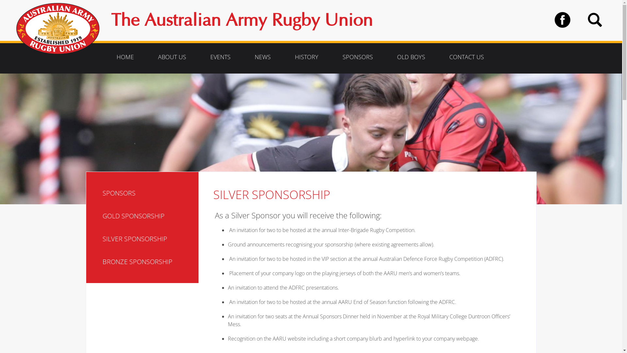 The image size is (627, 353). Describe the element at coordinates (220, 56) in the screenshot. I see `'EVENTS'` at that location.